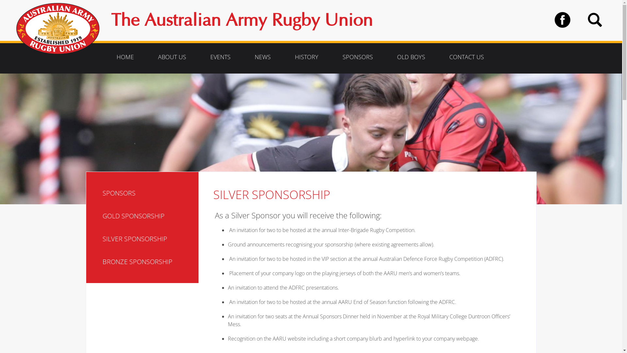 The image size is (627, 353). Describe the element at coordinates (220, 56) in the screenshot. I see `'EVENTS'` at that location.